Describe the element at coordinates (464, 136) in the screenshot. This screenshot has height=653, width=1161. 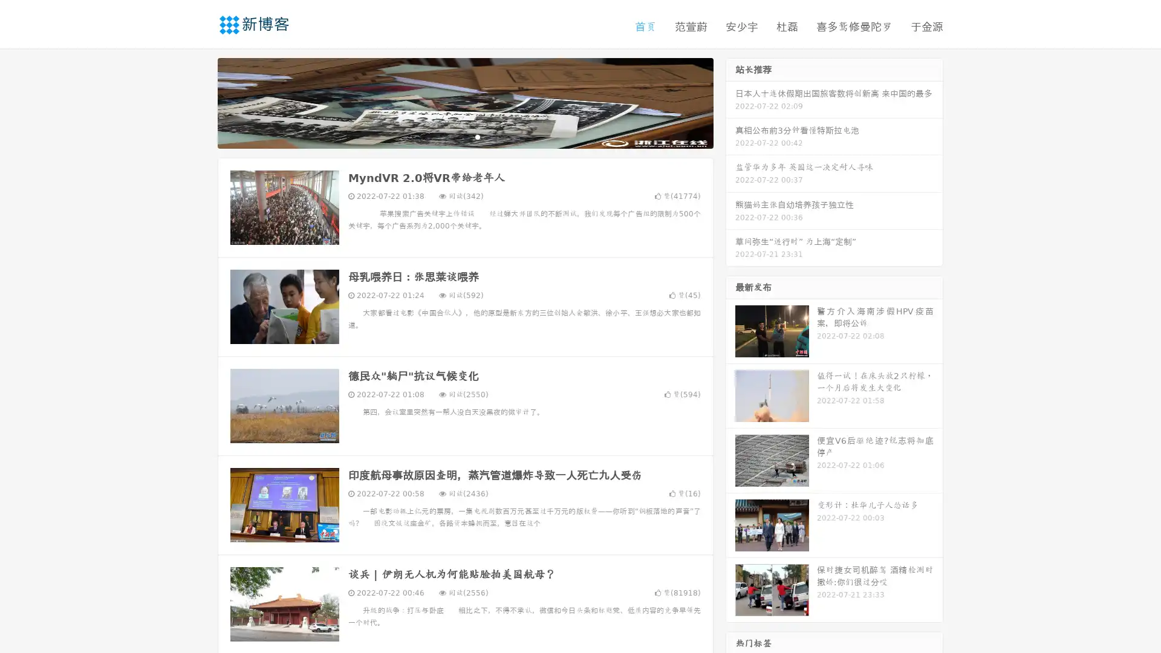
I see `Go to slide 2` at that location.